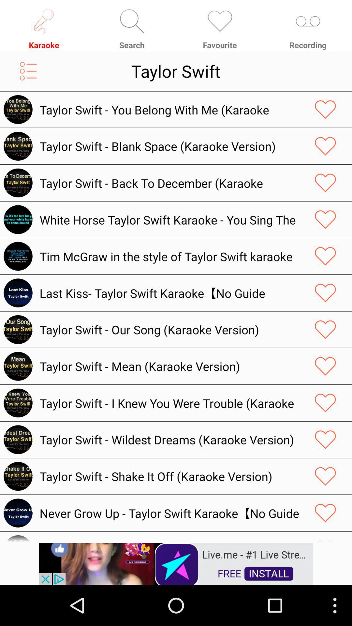 The height and width of the screenshot is (626, 352). Describe the element at coordinates (325, 513) in the screenshot. I see `like` at that location.